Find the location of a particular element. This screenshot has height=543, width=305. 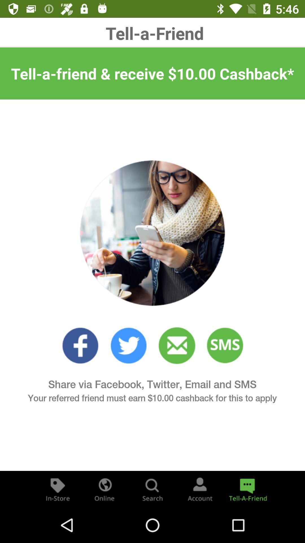

search option is located at coordinates (152, 489).